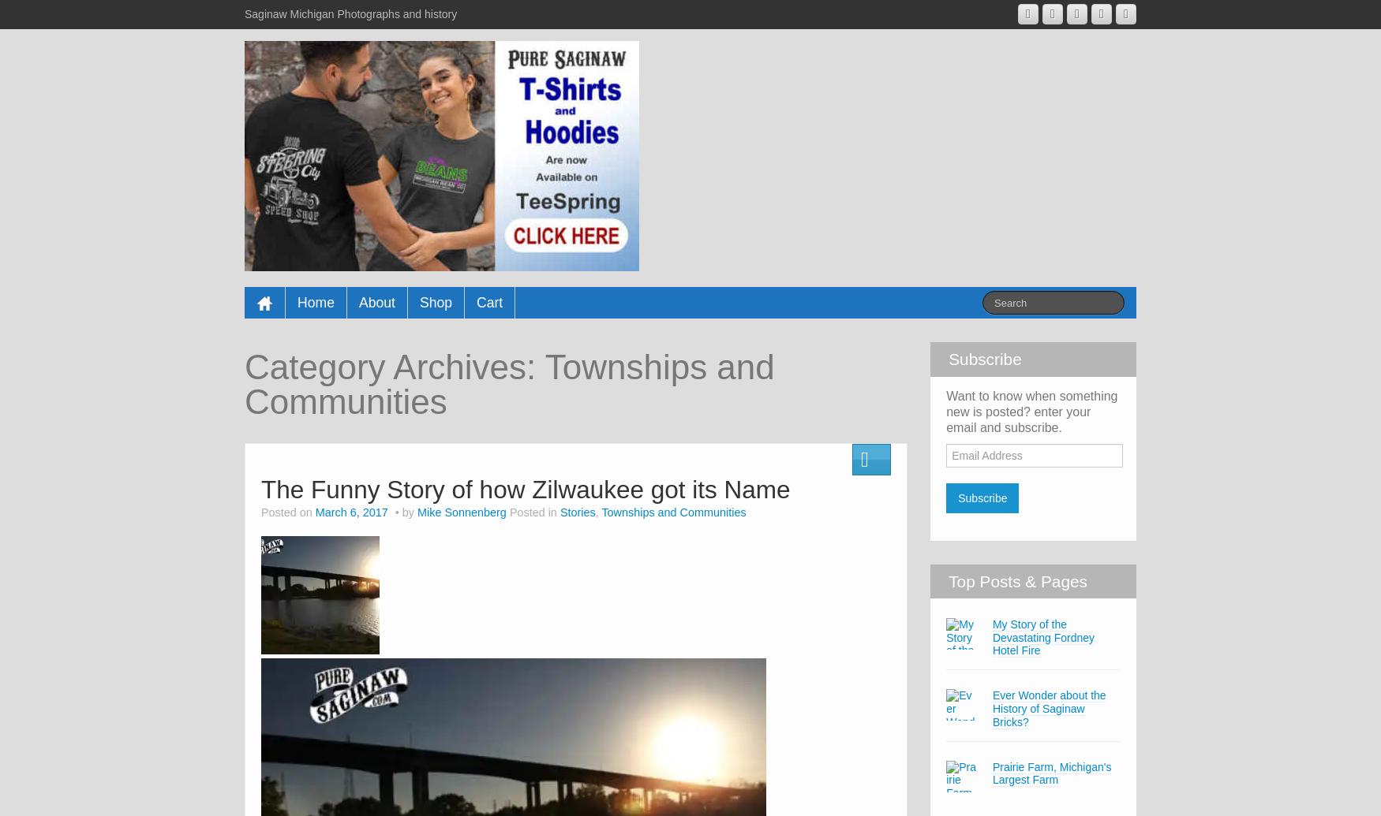  What do you see at coordinates (394, 367) in the screenshot?
I see `'Category Archives:'` at bounding box center [394, 367].